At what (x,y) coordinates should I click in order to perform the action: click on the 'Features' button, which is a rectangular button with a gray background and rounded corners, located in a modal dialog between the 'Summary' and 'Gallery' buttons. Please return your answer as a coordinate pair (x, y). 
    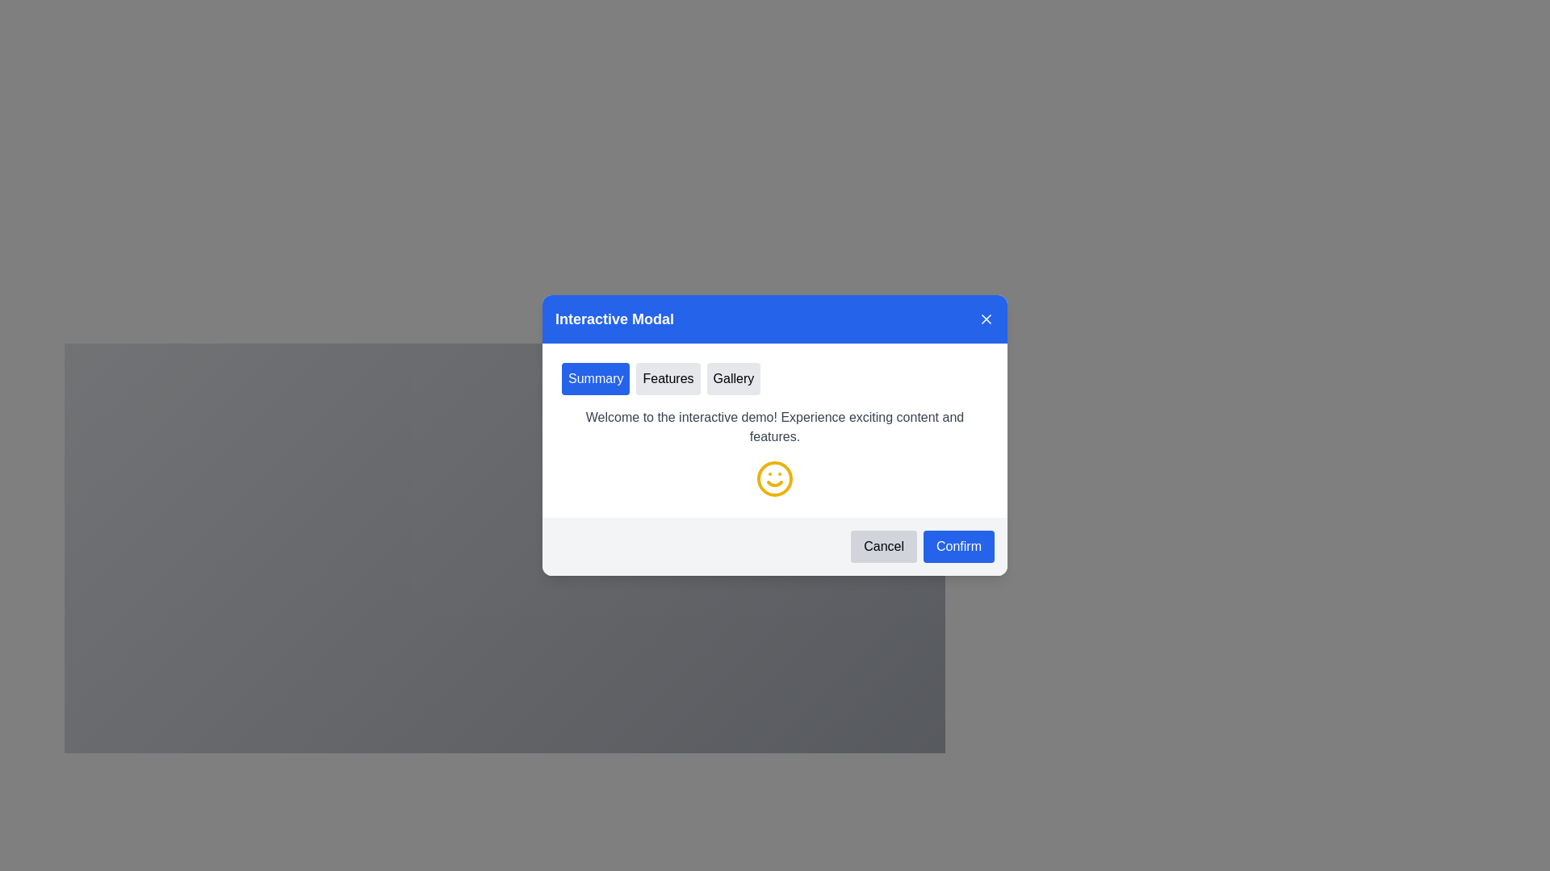
    Looking at the image, I should click on (668, 379).